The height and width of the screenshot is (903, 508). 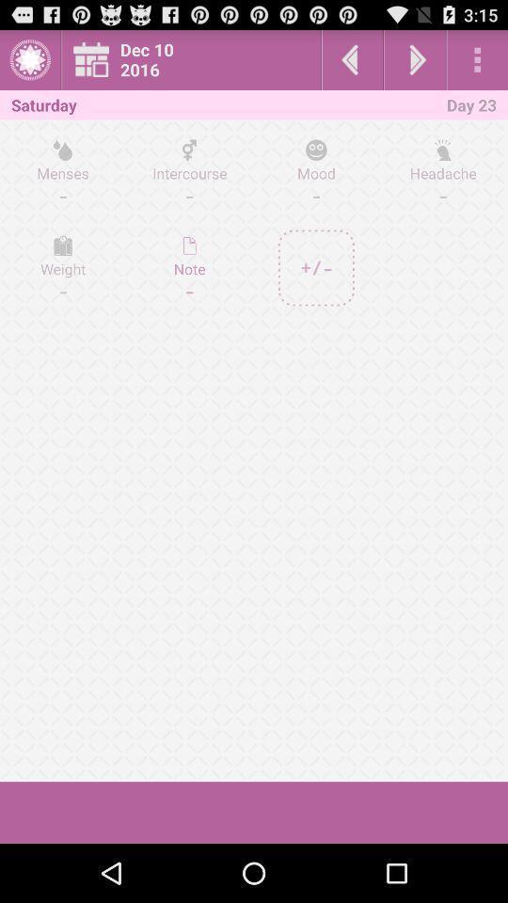 I want to click on the dec 10, so click(x=196, y=59).